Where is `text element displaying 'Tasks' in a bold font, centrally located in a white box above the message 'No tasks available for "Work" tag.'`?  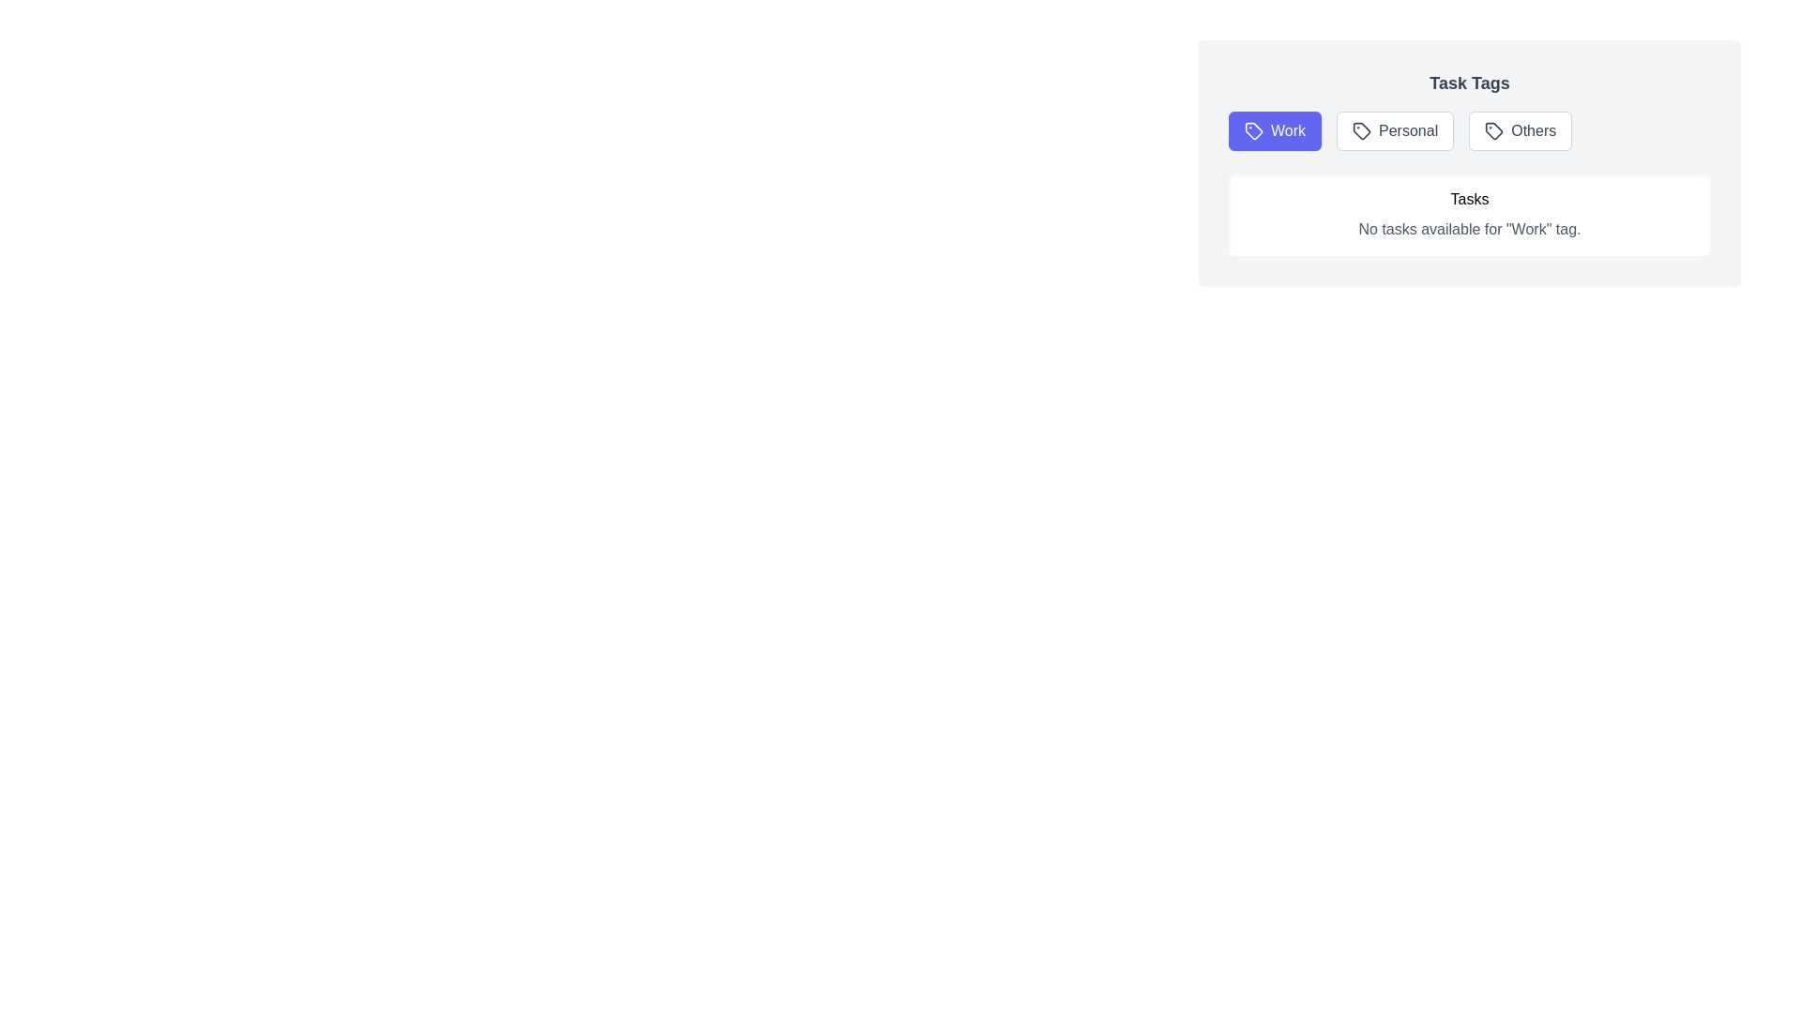 text element displaying 'Tasks' in a bold font, centrally located in a white box above the message 'No tasks available for "Work" tag.' is located at coordinates (1468, 199).